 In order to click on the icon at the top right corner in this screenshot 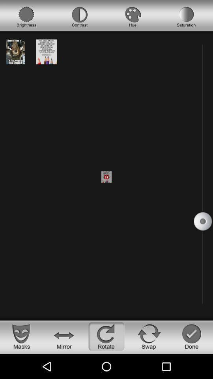, I will do `click(186, 17)`.